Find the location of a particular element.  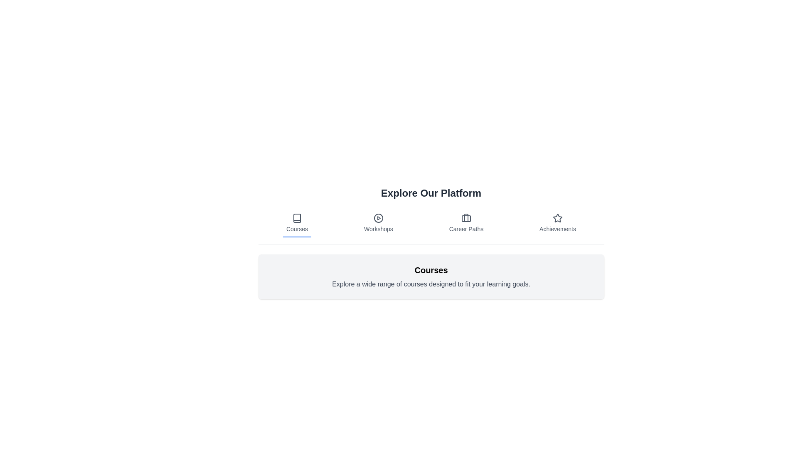

the tab corresponding to Career Paths is located at coordinates (466, 223).